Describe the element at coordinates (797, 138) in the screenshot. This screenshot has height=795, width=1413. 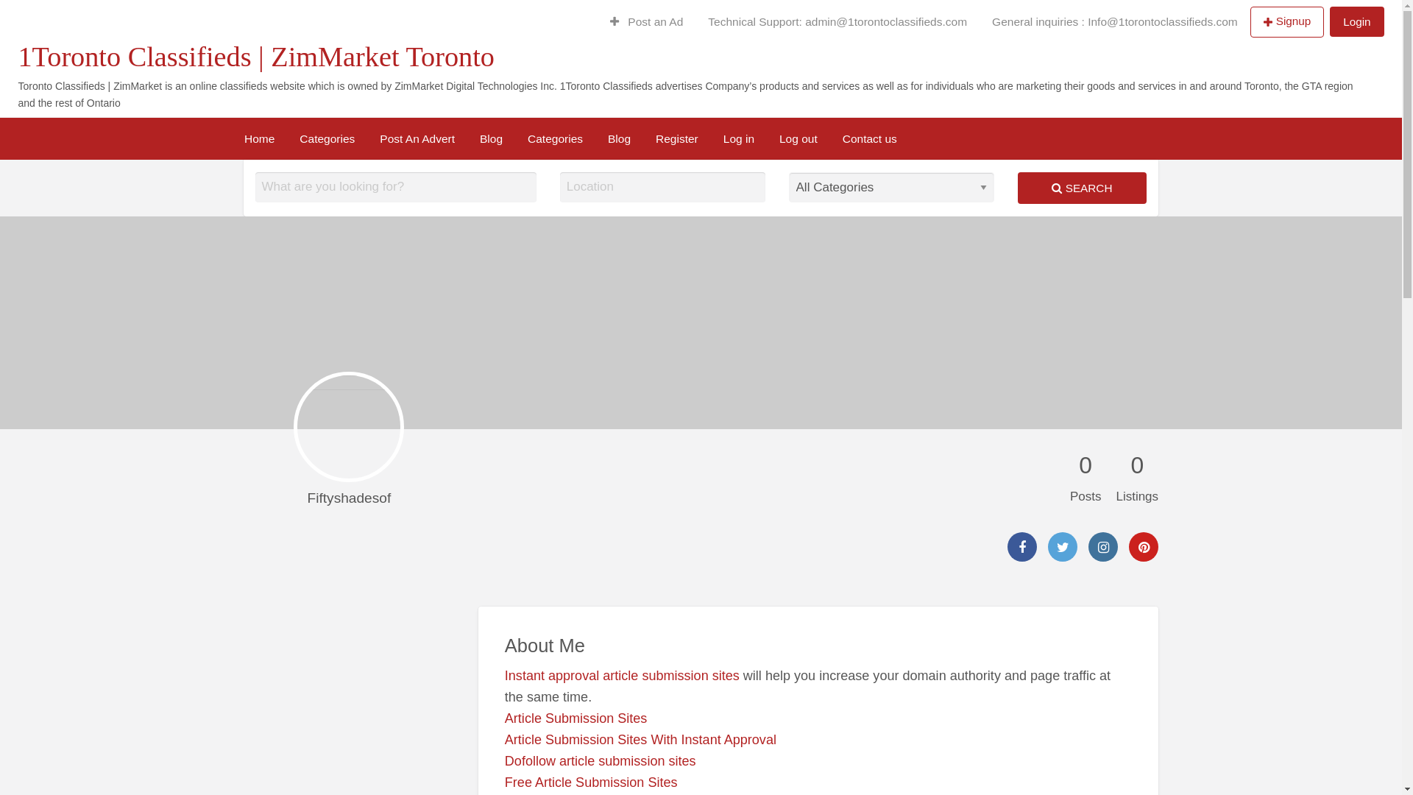
I see `'Log out'` at that location.